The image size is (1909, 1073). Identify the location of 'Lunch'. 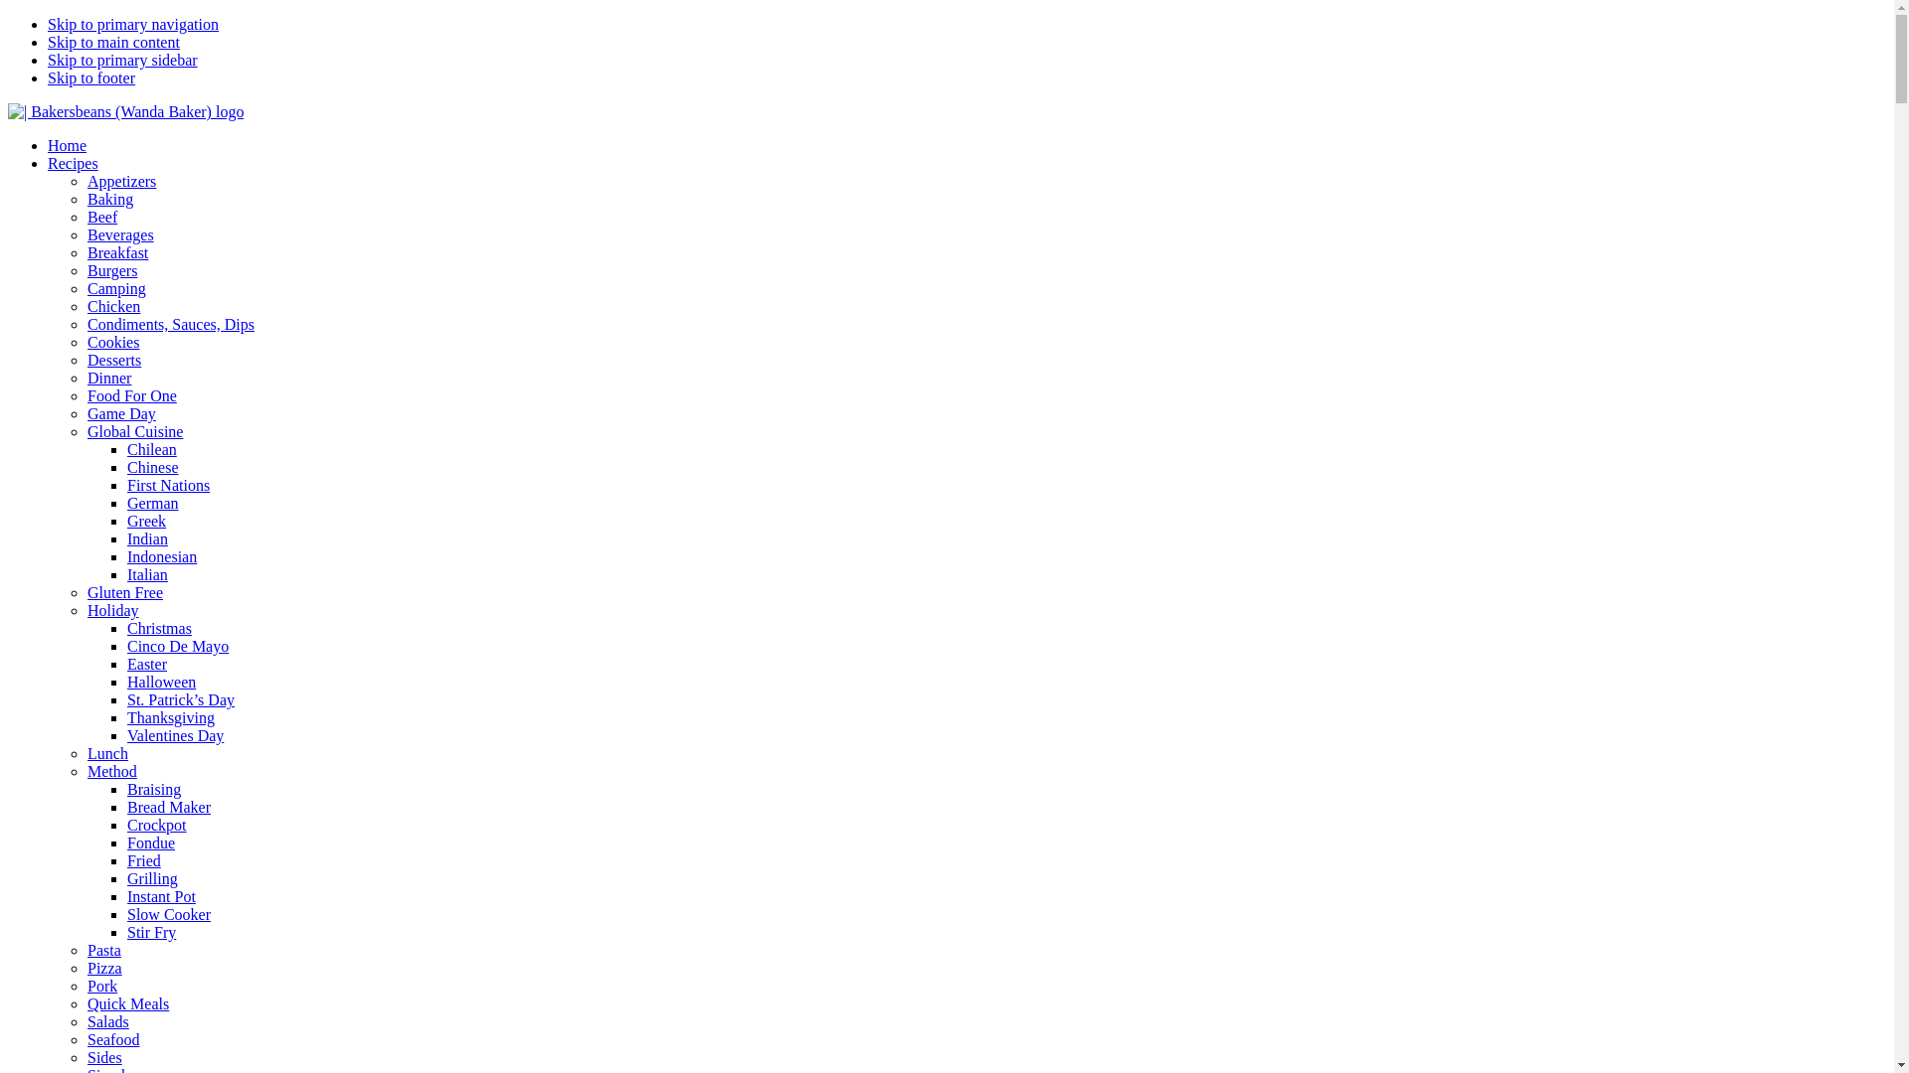
(106, 753).